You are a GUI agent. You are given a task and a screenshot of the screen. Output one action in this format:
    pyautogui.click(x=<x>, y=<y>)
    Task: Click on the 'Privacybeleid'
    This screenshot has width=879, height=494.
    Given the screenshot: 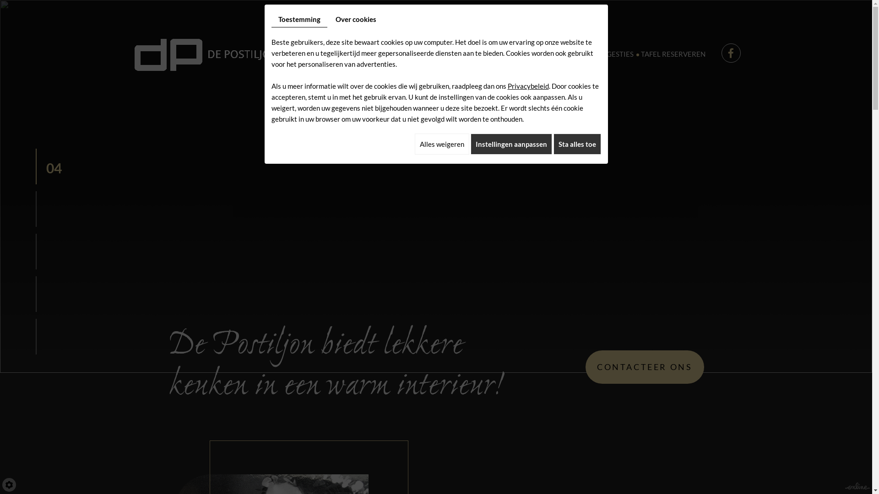 What is the action you would take?
    pyautogui.click(x=527, y=86)
    